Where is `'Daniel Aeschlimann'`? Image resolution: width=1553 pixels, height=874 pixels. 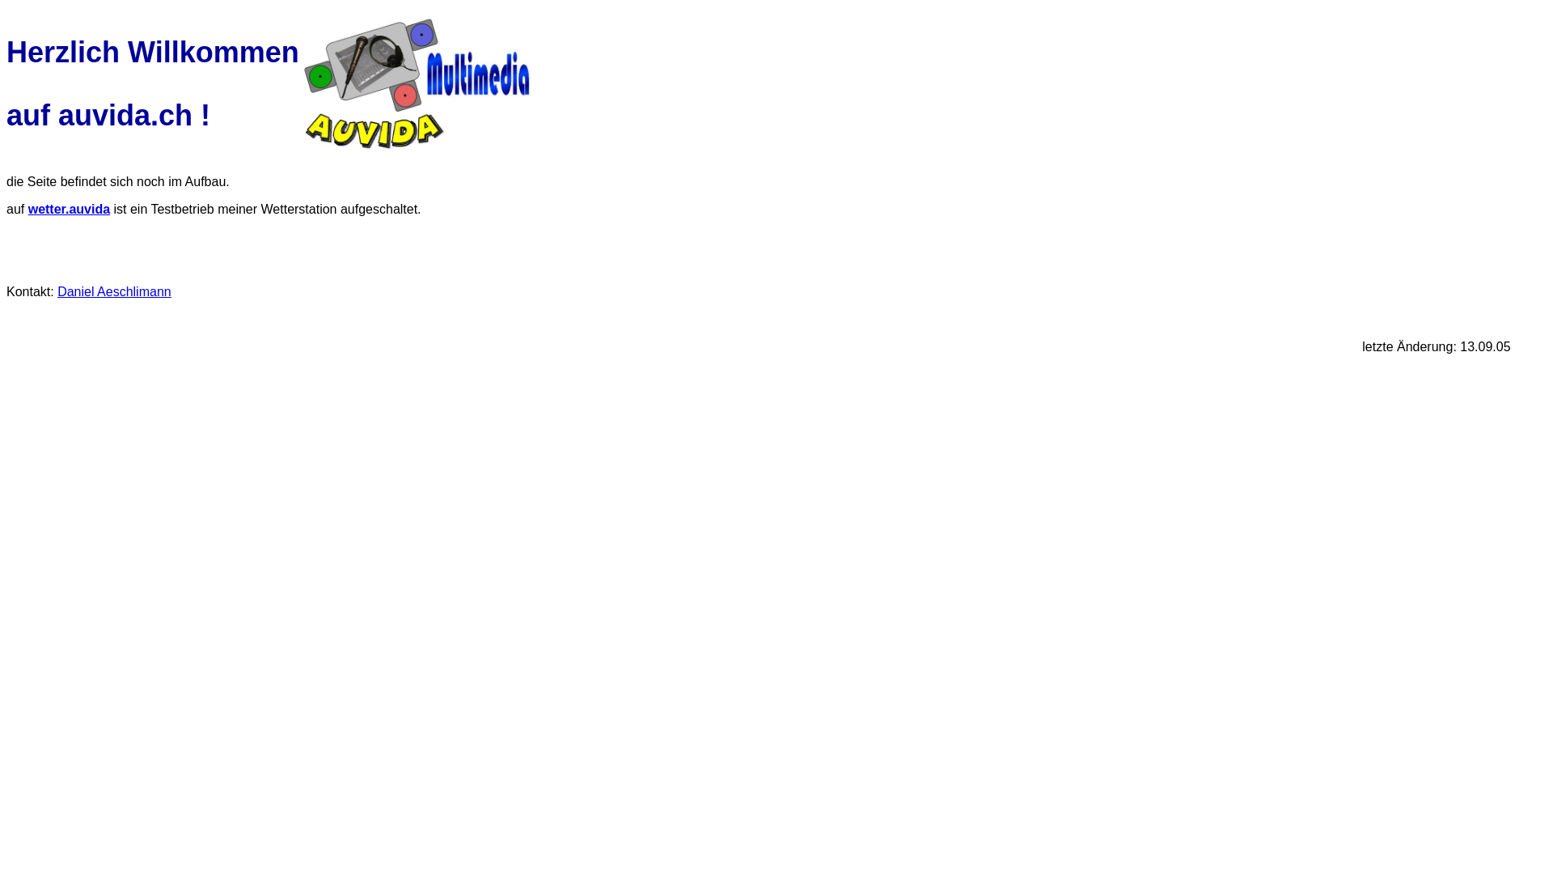
'Daniel Aeschlimann' is located at coordinates (57, 291).